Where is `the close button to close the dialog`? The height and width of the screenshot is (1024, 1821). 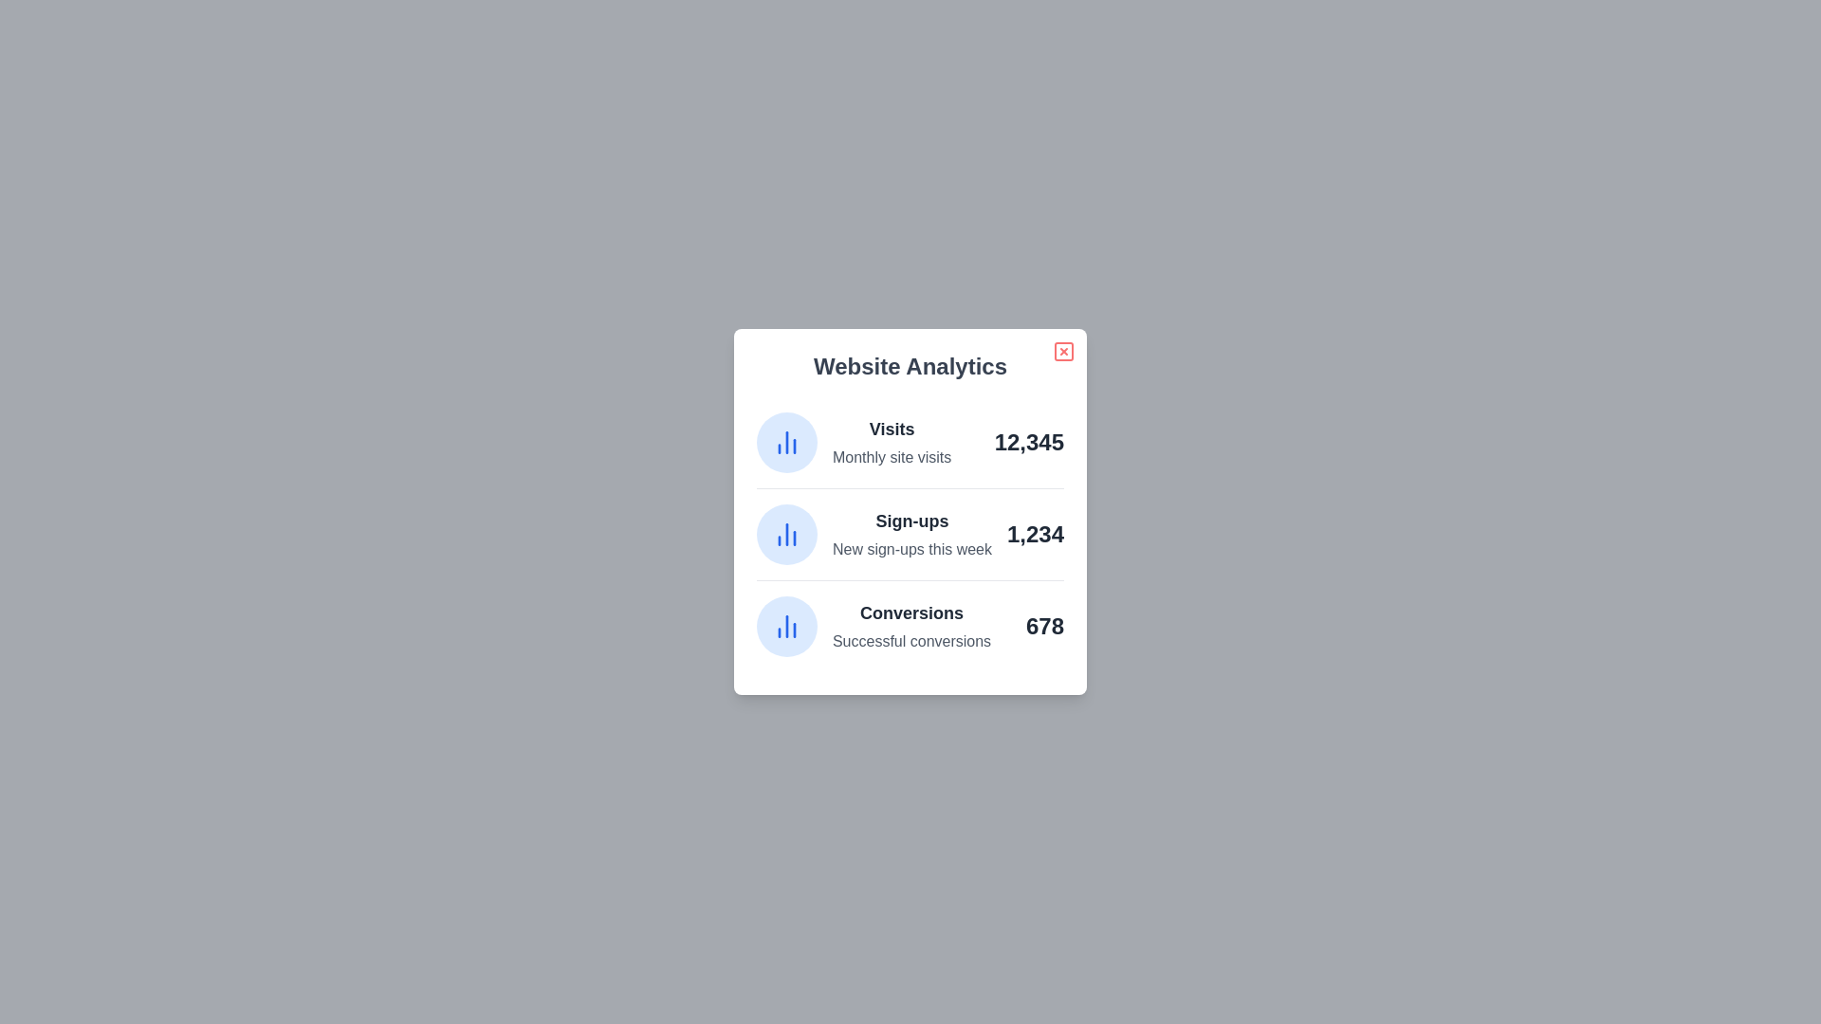 the close button to close the dialog is located at coordinates (1064, 351).